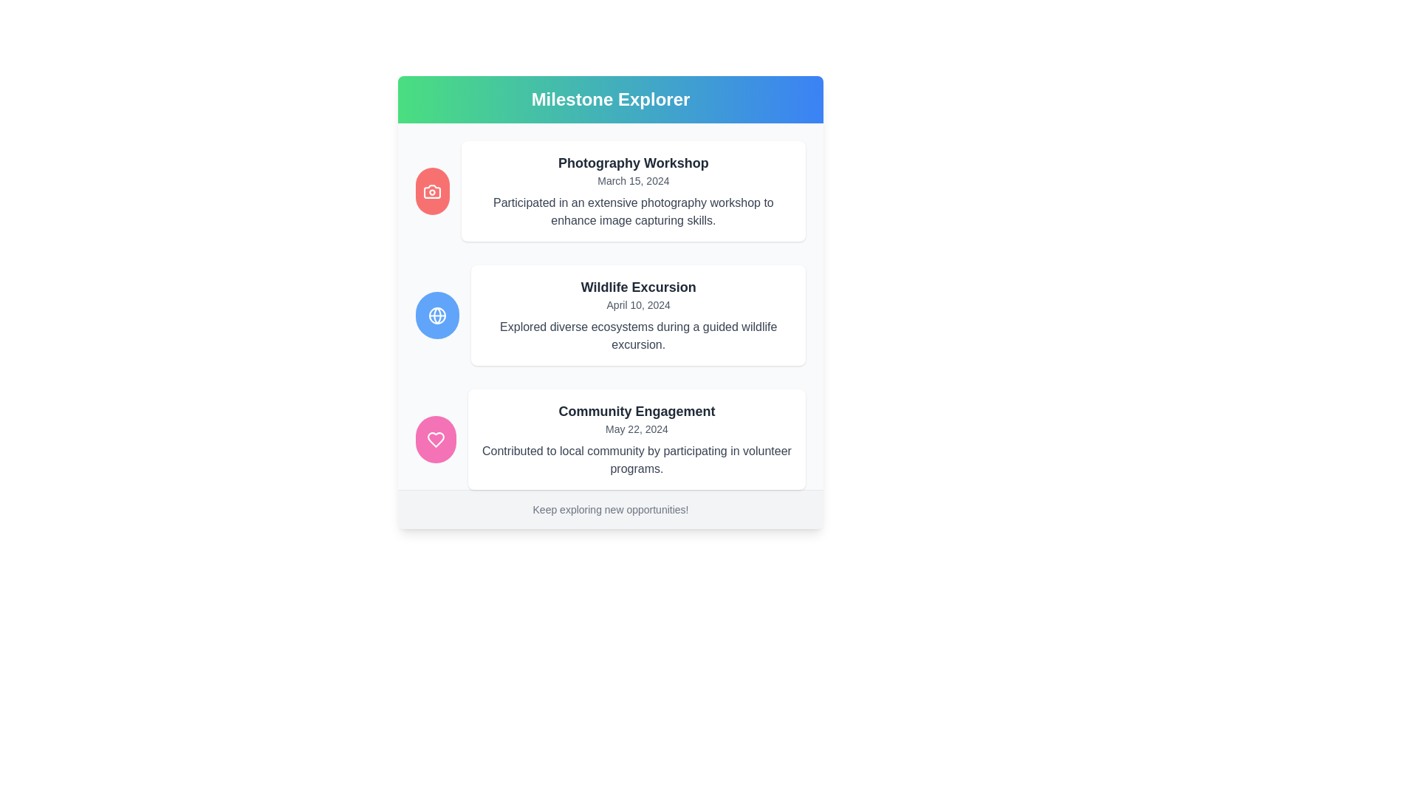 The height and width of the screenshot is (798, 1418). What do you see at coordinates (610, 438) in the screenshot?
I see `the textual block that provides details about a specific event, including its title and description, located under the 'Milestone Explorer' heading, specifically the last element in the list` at bounding box center [610, 438].